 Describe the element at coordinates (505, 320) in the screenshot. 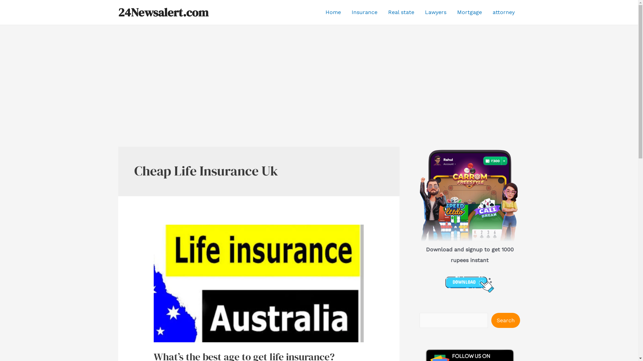

I see `'Search'` at that location.